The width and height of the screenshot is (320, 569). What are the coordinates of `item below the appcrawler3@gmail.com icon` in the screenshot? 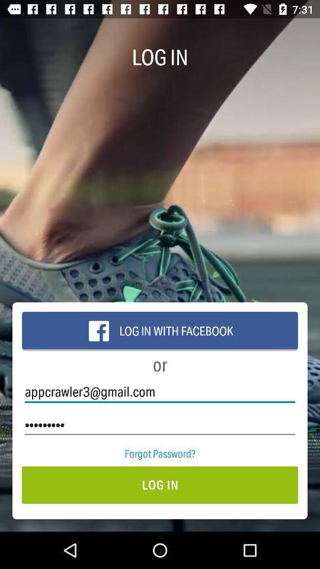 It's located at (160, 424).